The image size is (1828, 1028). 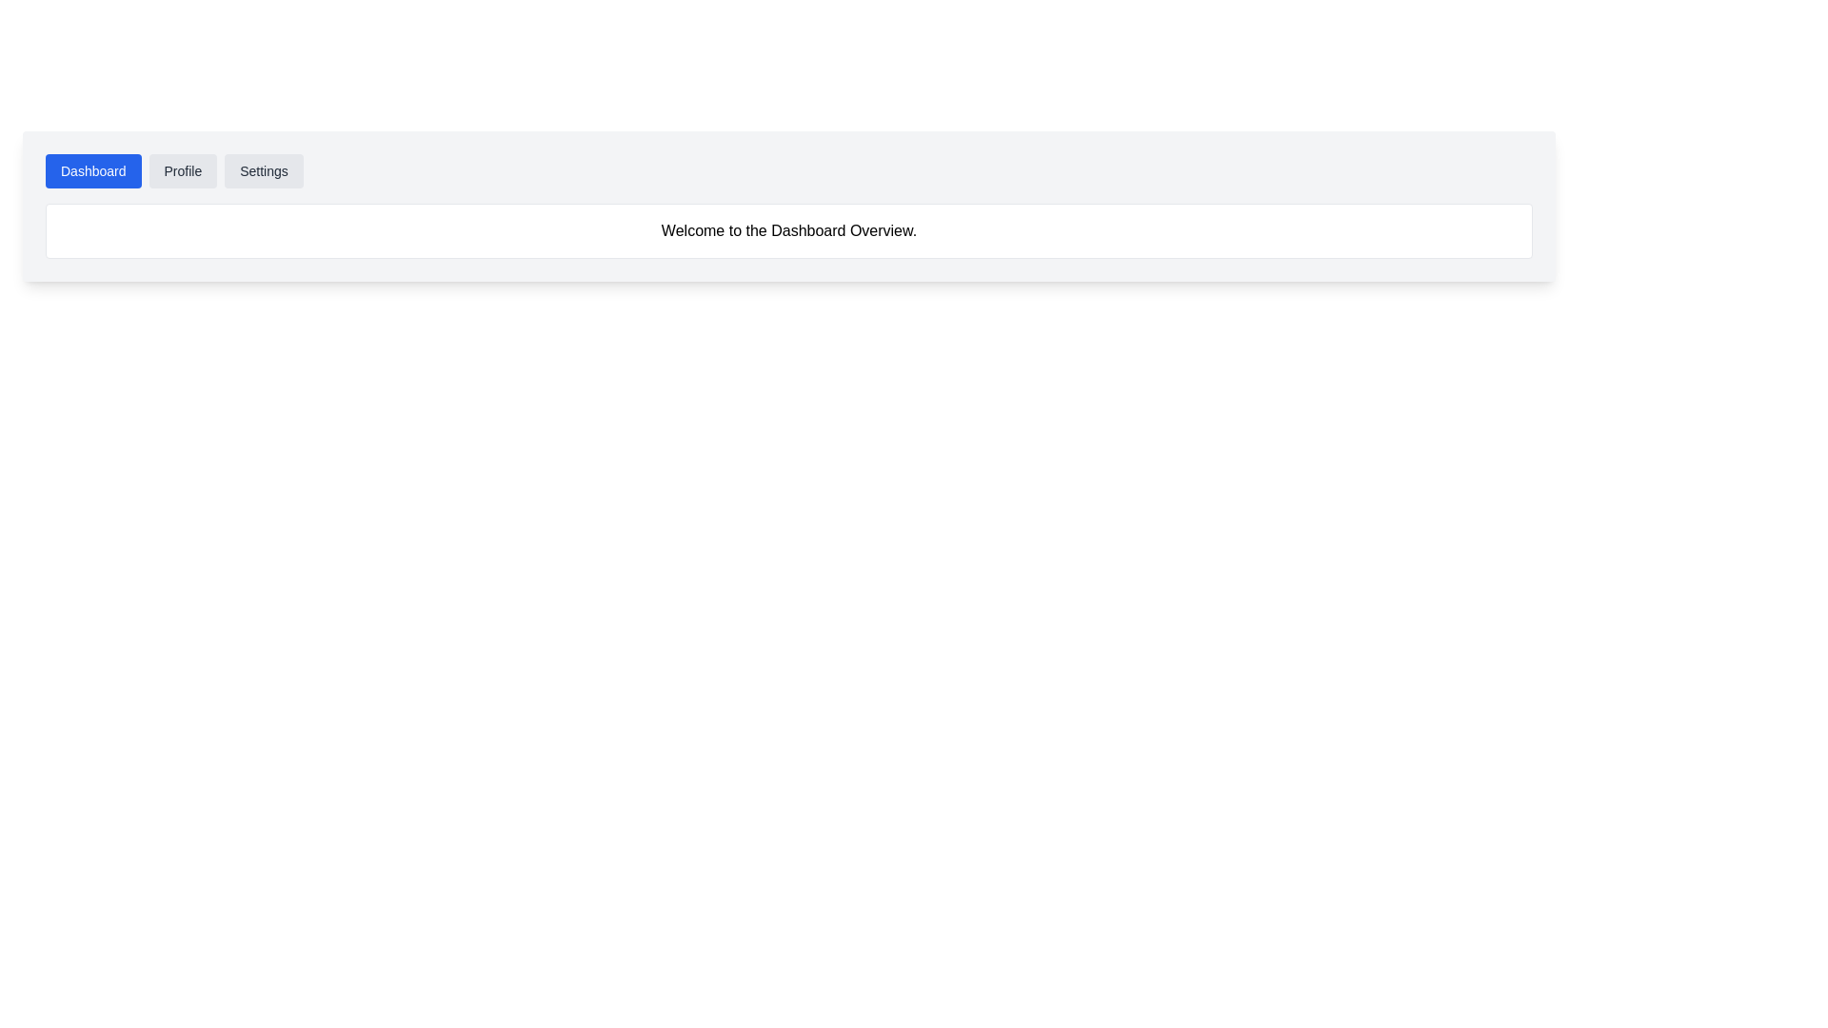 I want to click on the tab labeled Dashboard to view its content, so click(x=92, y=171).